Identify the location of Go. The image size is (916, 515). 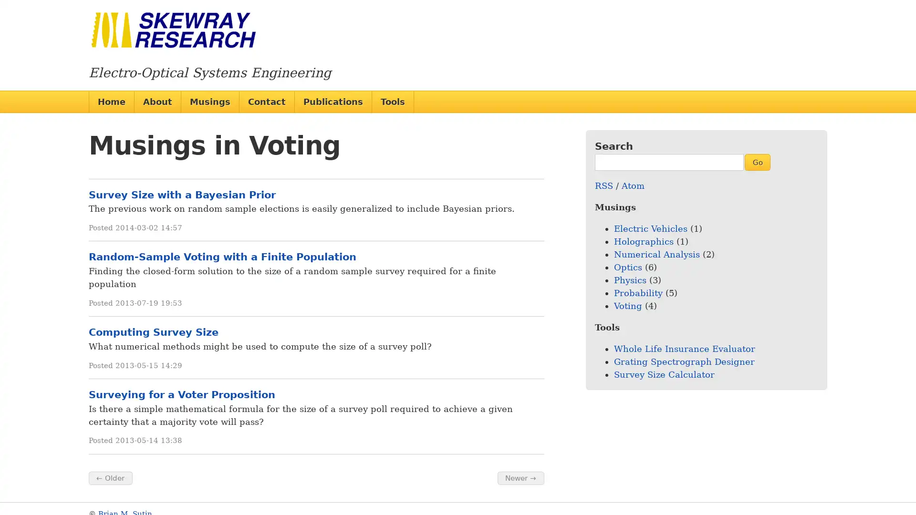
(757, 161).